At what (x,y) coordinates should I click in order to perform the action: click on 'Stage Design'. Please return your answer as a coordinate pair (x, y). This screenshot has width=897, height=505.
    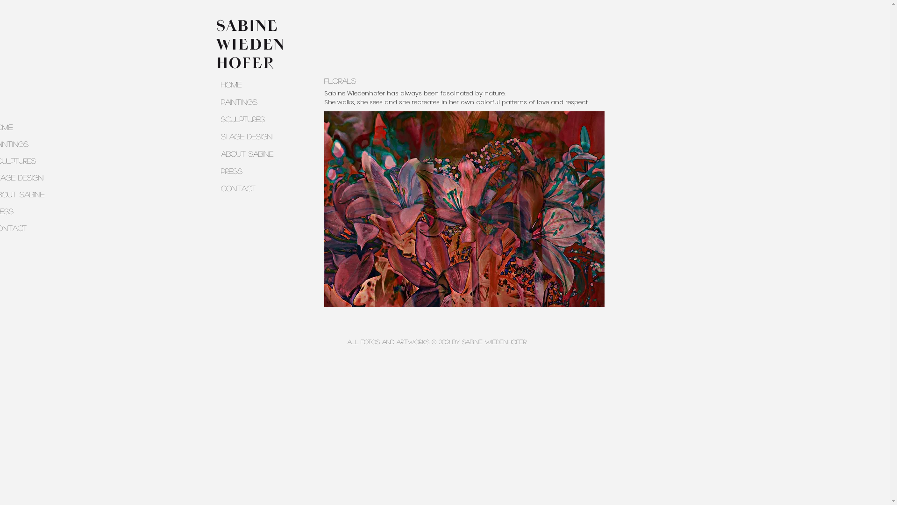
    Looking at the image, I should click on (256, 136).